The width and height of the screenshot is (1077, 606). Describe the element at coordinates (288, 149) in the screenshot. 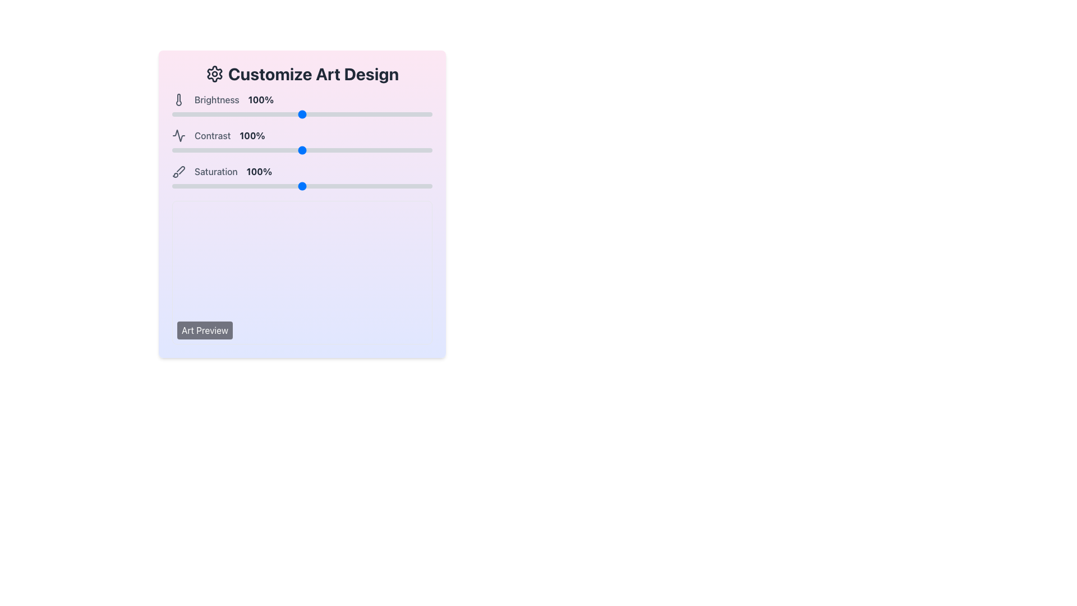

I see `the contrast level` at that location.